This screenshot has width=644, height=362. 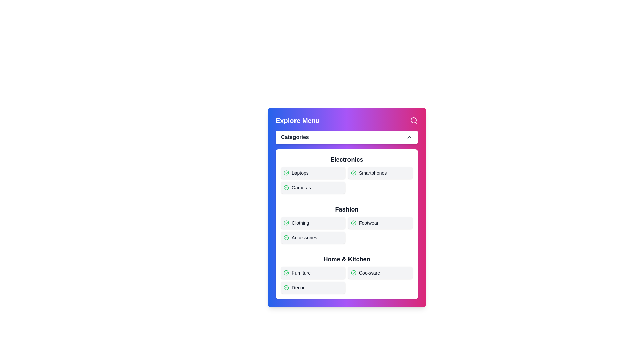 I want to click on the 'Clothing' item in the grid layout, so click(x=346, y=230).